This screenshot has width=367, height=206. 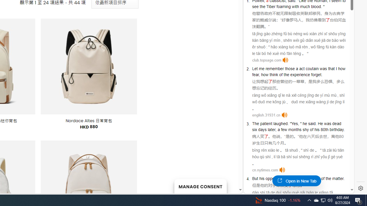 What do you see at coordinates (316, 7) in the screenshot?
I see `'blood'` at bounding box center [316, 7].